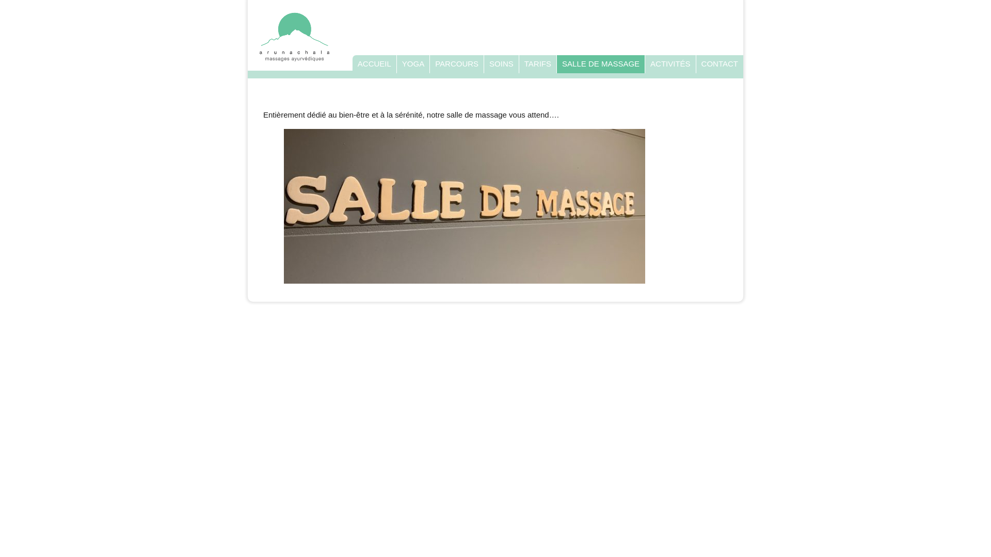 This screenshot has width=991, height=557. What do you see at coordinates (719, 63) in the screenshot?
I see `'CONTACT'` at bounding box center [719, 63].